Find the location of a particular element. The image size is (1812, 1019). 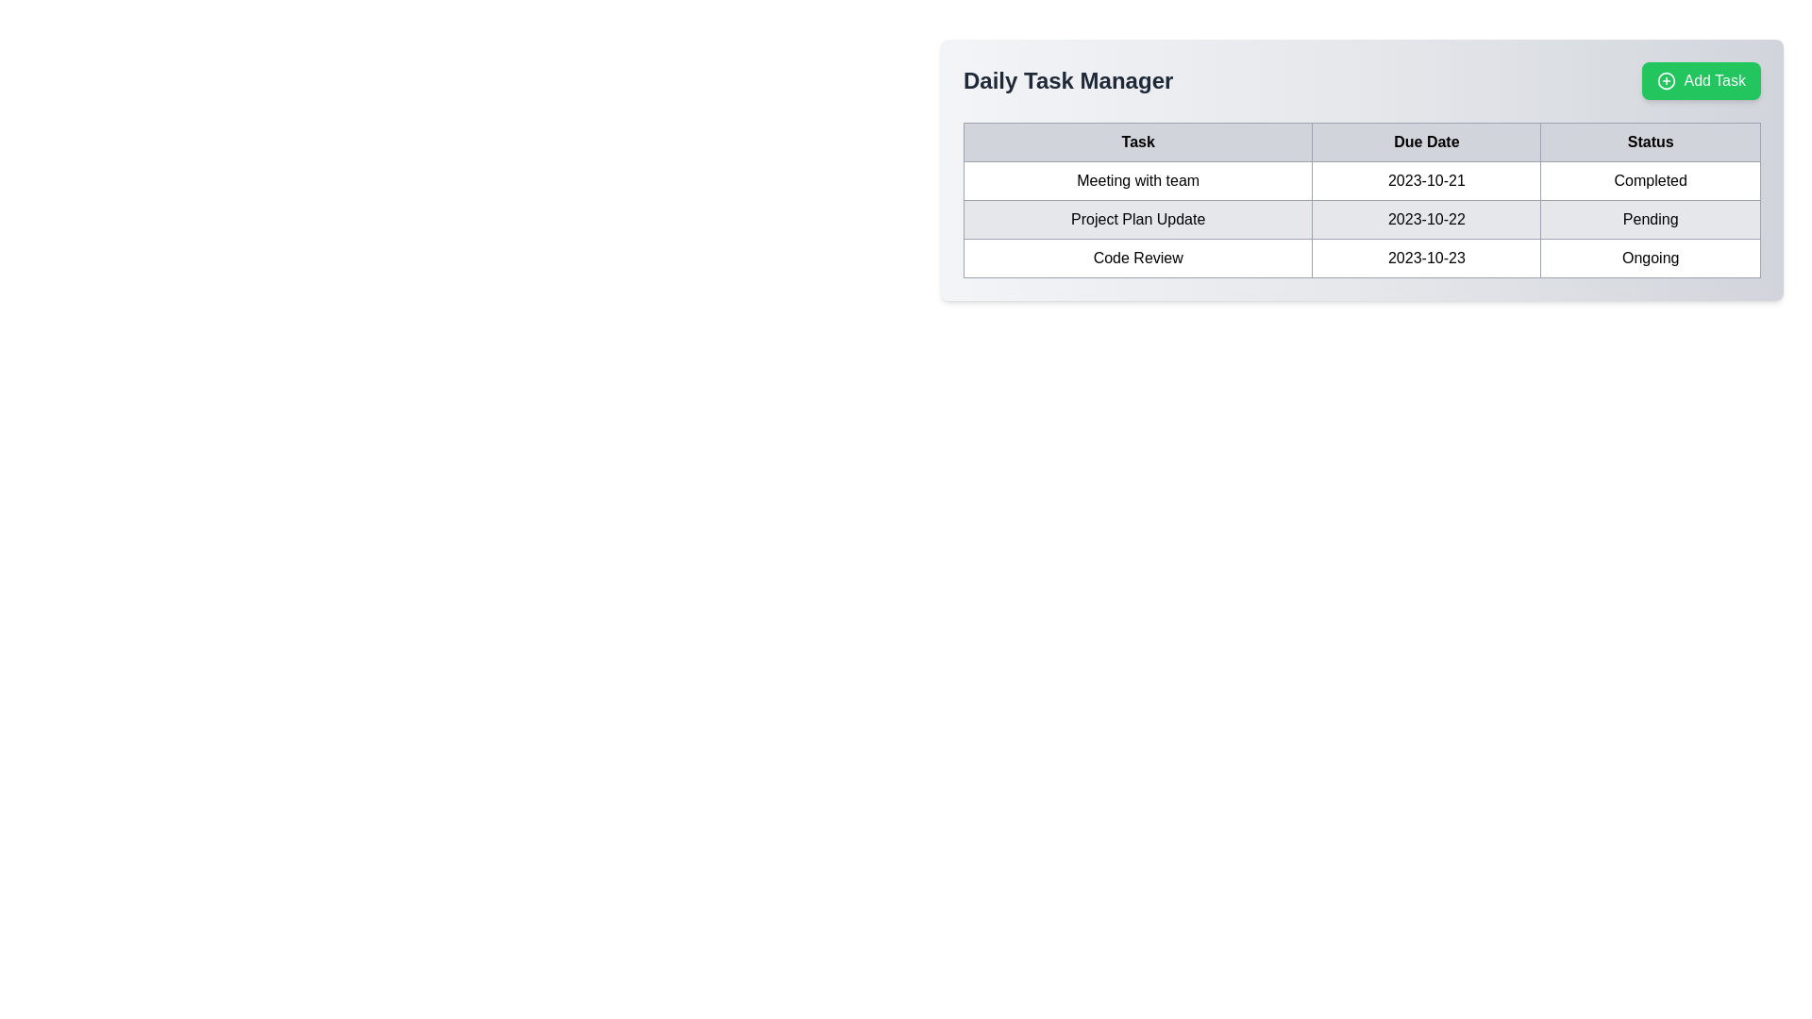

the text label displaying 'Completed' in the 'Status' column of the table is located at coordinates (1650, 181).